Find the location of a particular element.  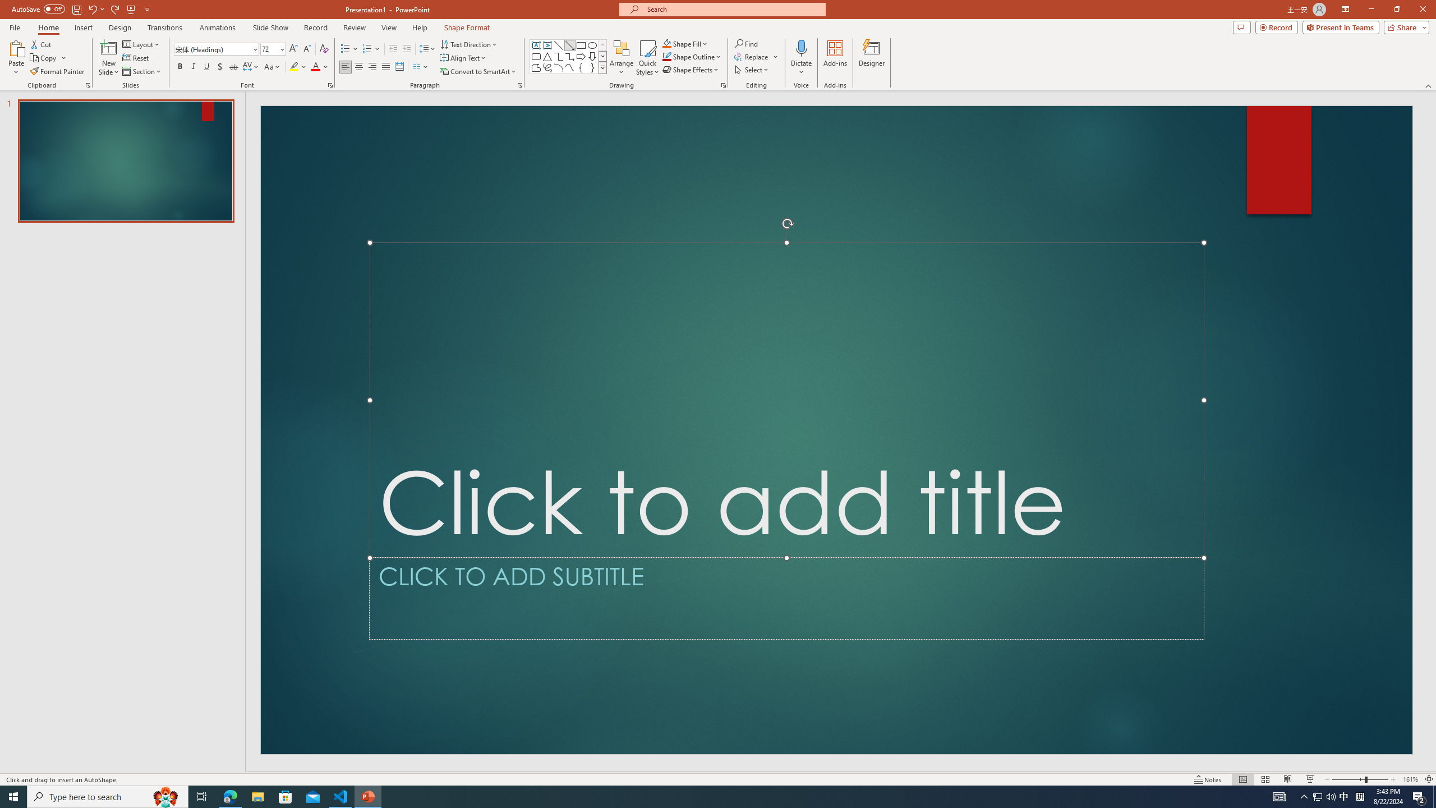

'Dictate' is located at coordinates (800, 47).